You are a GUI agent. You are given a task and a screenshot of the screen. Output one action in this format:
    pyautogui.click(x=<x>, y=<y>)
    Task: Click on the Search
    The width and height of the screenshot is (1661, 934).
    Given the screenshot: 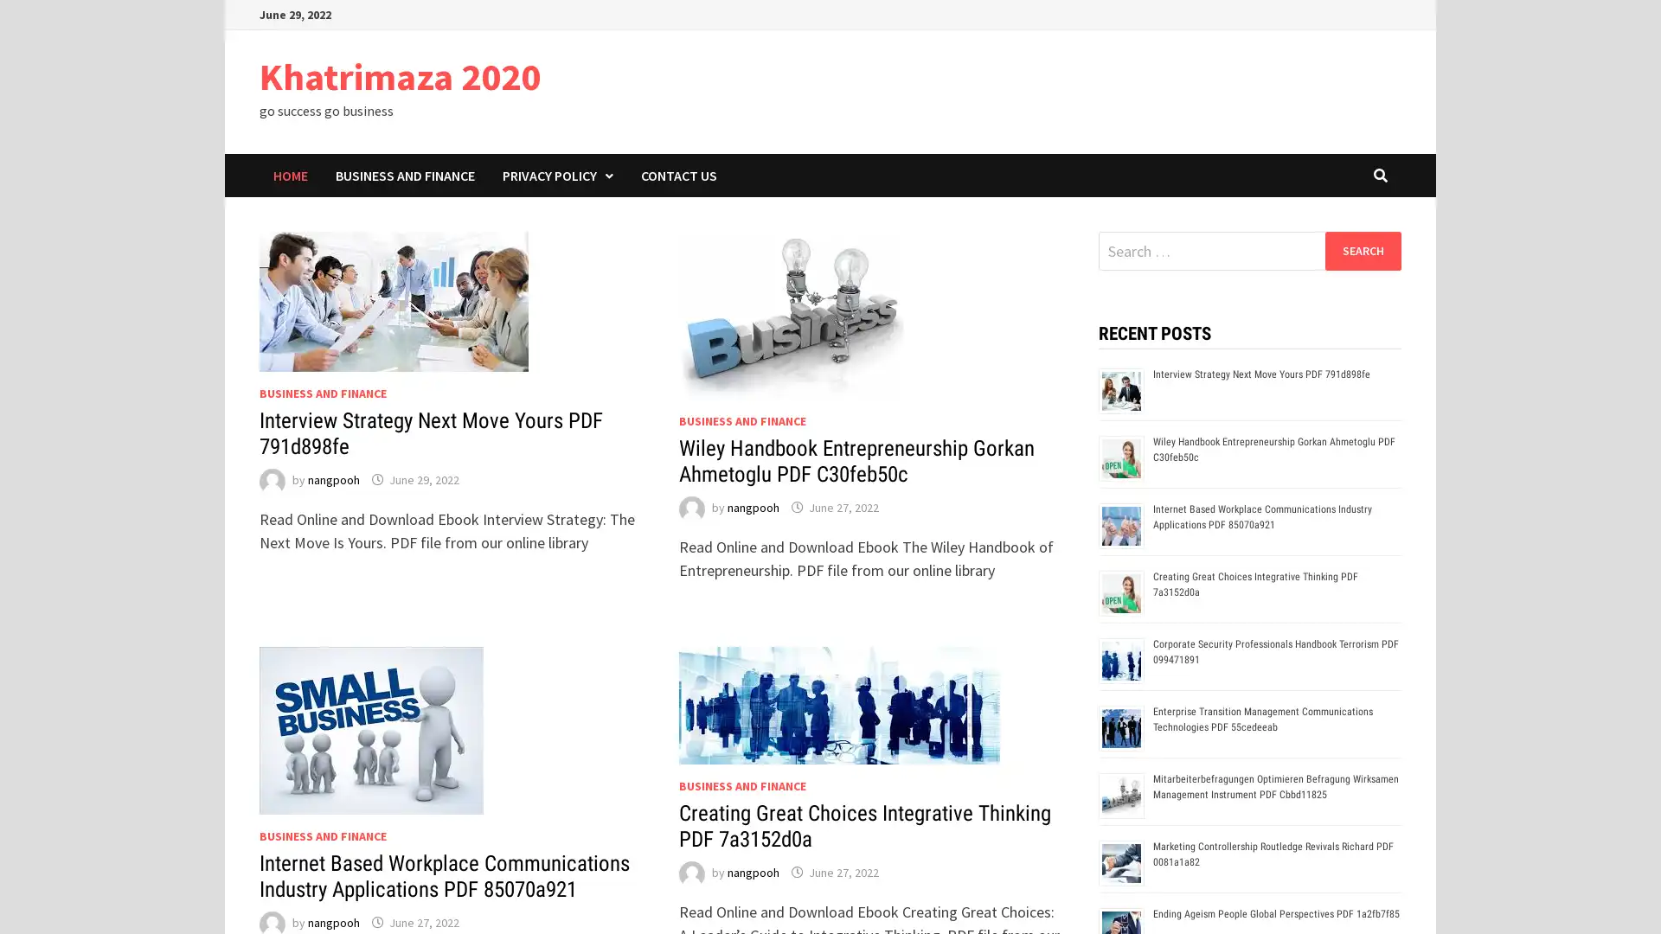 What is the action you would take?
    pyautogui.click(x=1362, y=250)
    